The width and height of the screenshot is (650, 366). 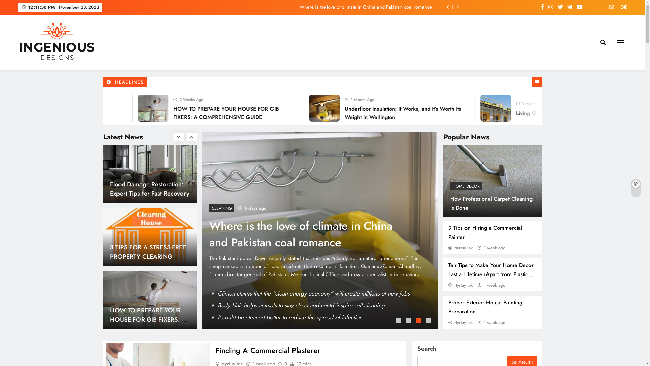 I want to click on '4', so click(x=429, y=321).